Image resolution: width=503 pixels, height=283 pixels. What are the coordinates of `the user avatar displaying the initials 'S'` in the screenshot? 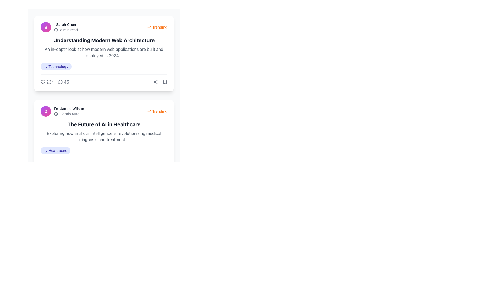 It's located at (104, 27).